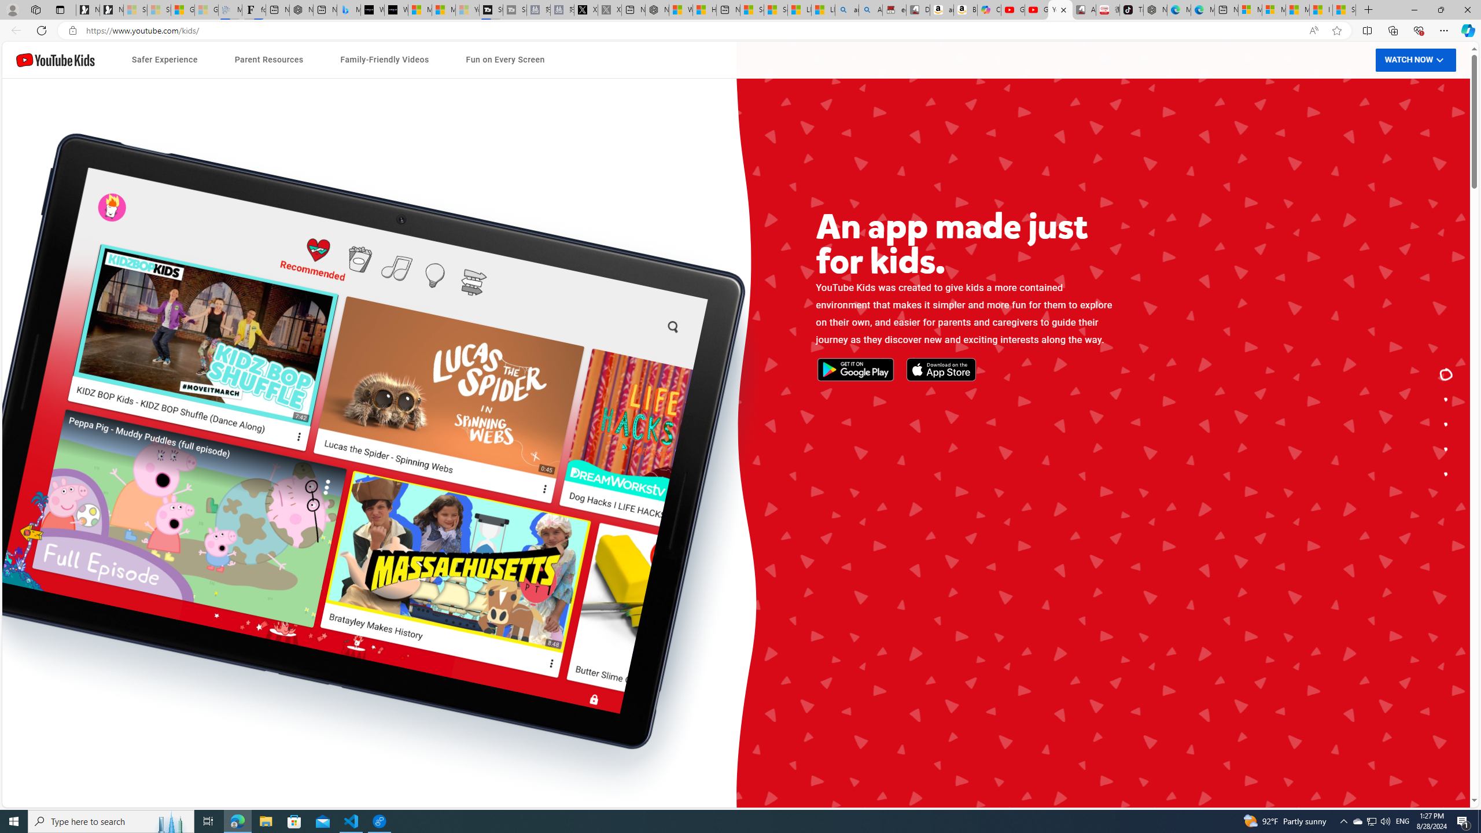 The width and height of the screenshot is (1481, 833). Describe the element at coordinates (1445, 423) in the screenshot. I see `'Tips and tools for your family.'` at that location.